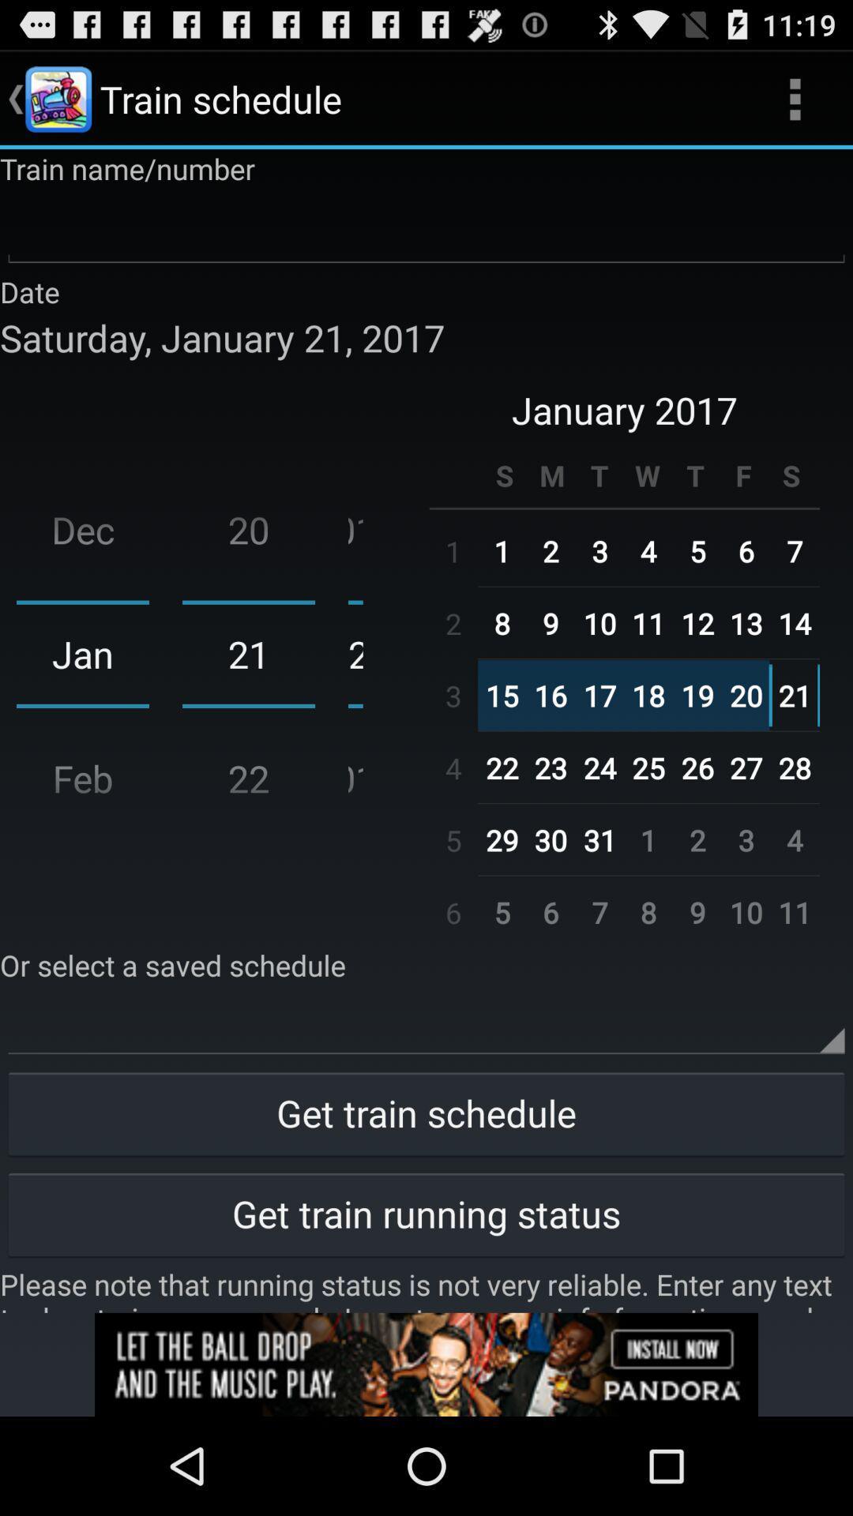 The height and width of the screenshot is (1516, 853). Describe the element at coordinates (426, 1364) in the screenshot. I see `advertisement` at that location.